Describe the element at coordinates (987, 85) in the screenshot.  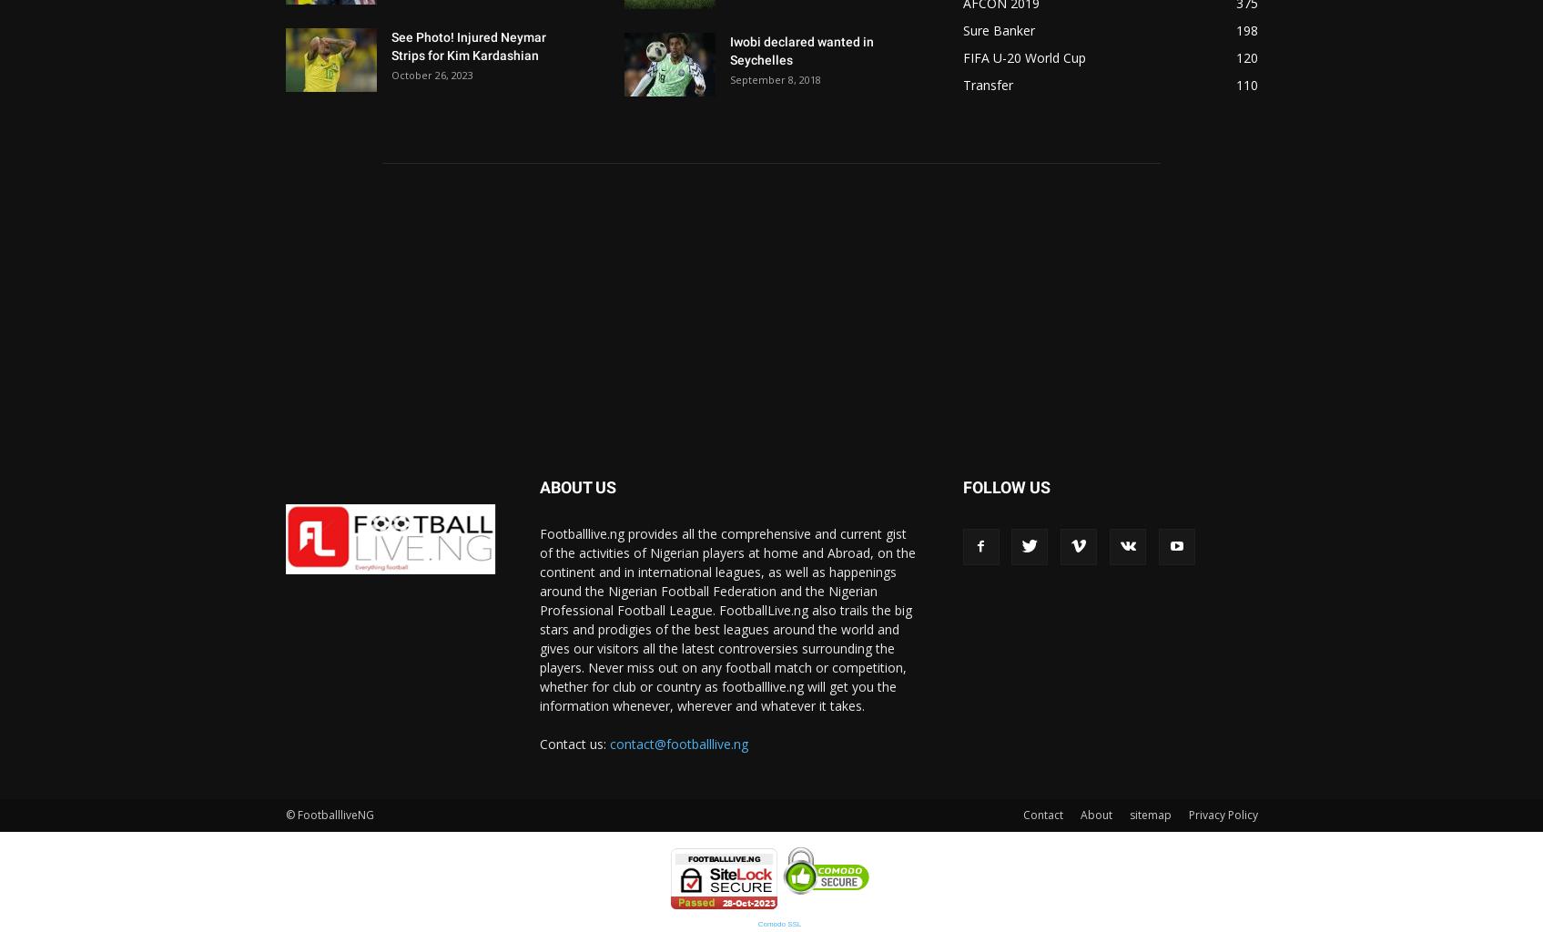
I see `'Transfer'` at that location.